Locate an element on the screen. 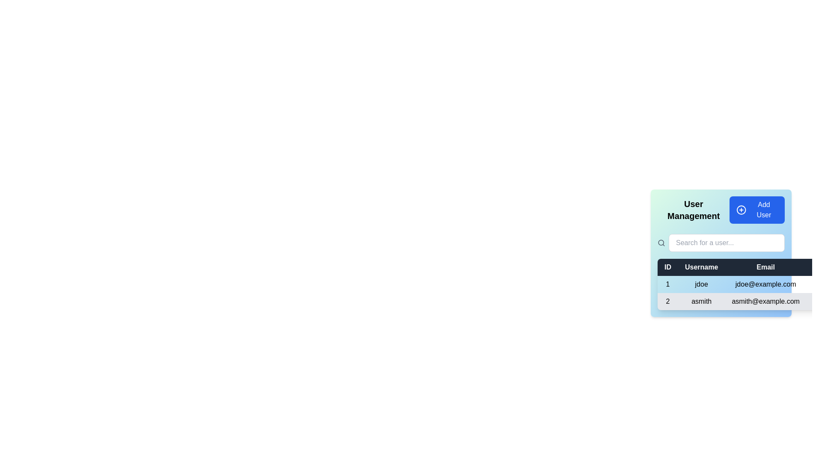  the 'Username' text label, which is displayed in bold, white font against a dark background, located in the second cell of a table header between 'ID' and 'Email' is located at coordinates (701, 267).